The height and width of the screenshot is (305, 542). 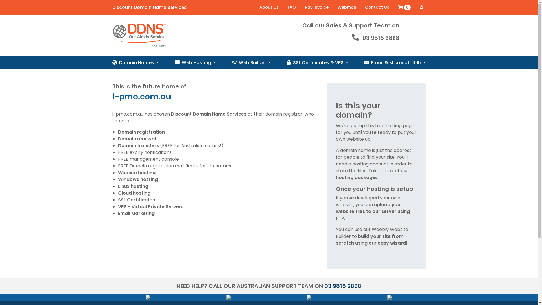 What do you see at coordinates (138, 145) in the screenshot?
I see `'Domain transfers'` at bounding box center [138, 145].